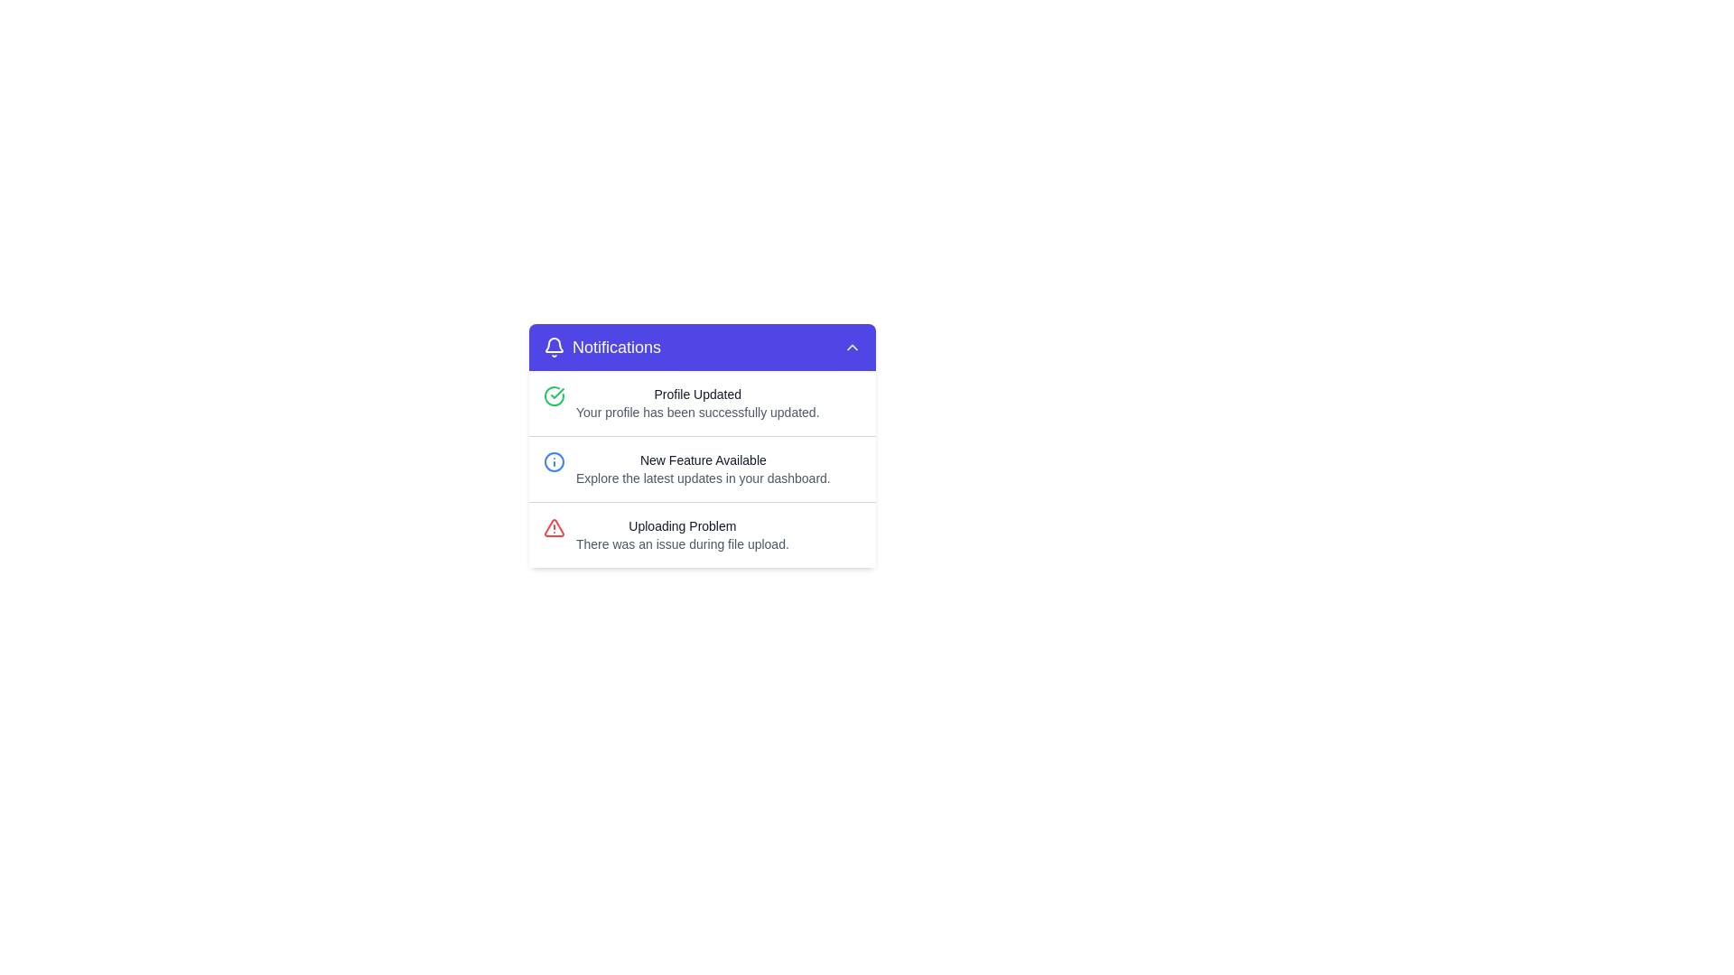 The width and height of the screenshot is (1734, 975). Describe the element at coordinates (852, 348) in the screenshot. I see `the upward-facing chevron button in the top-right corner of the 'Notifications' header` at that location.